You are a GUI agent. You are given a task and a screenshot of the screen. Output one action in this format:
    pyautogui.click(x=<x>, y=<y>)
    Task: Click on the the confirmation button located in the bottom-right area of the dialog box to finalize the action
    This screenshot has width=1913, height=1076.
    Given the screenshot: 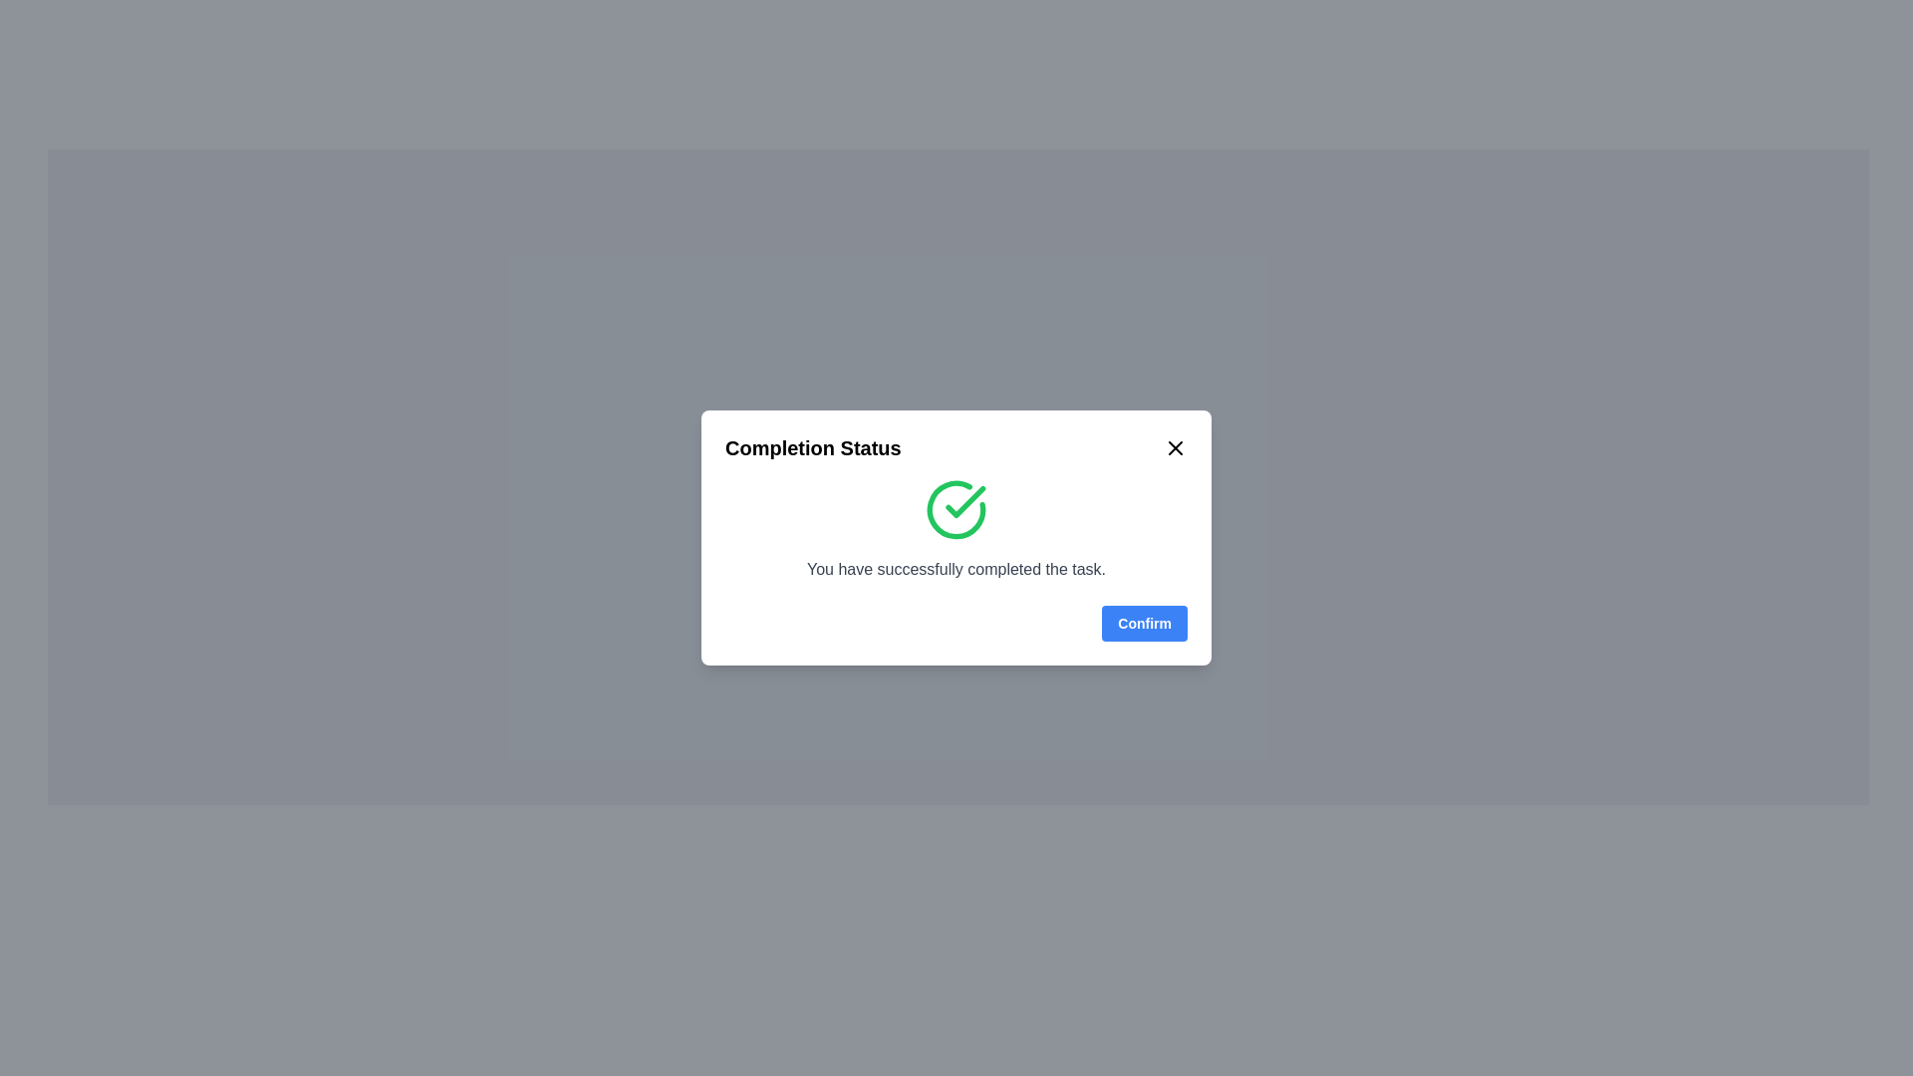 What is the action you would take?
    pyautogui.click(x=1145, y=622)
    